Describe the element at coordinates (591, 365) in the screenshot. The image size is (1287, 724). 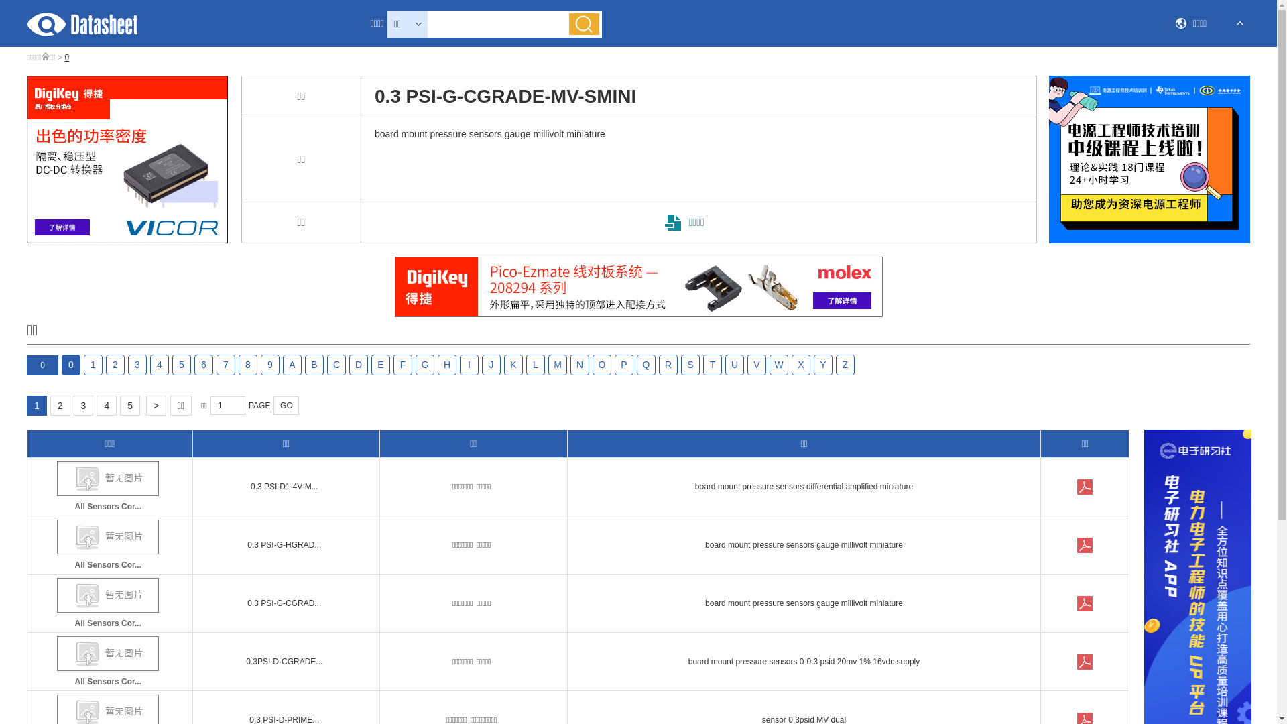
I see `'O'` at that location.